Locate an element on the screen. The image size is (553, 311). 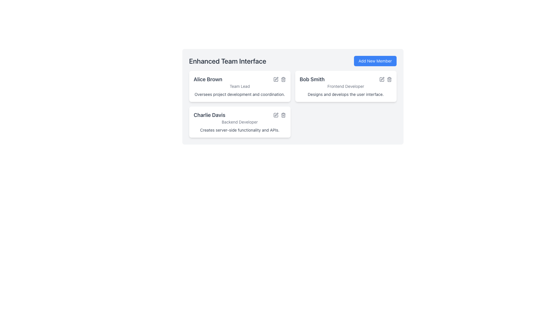
the trash can icon button located in the 'Bob Smith' card is located at coordinates (389, 79).